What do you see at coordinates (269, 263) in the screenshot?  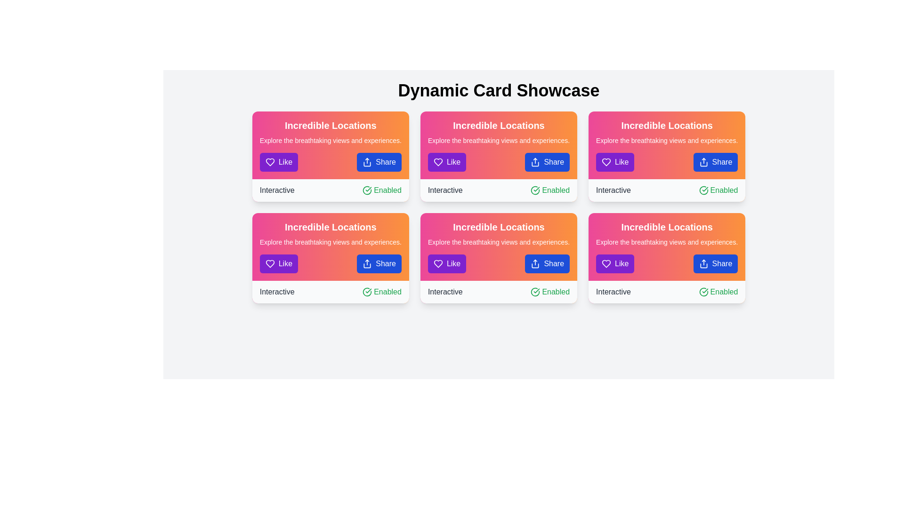 I see `the heart-shaped purple icon next to the 'Like' text within the 'Incredible Locations' card to express preference` at bounding box center [269, 263].